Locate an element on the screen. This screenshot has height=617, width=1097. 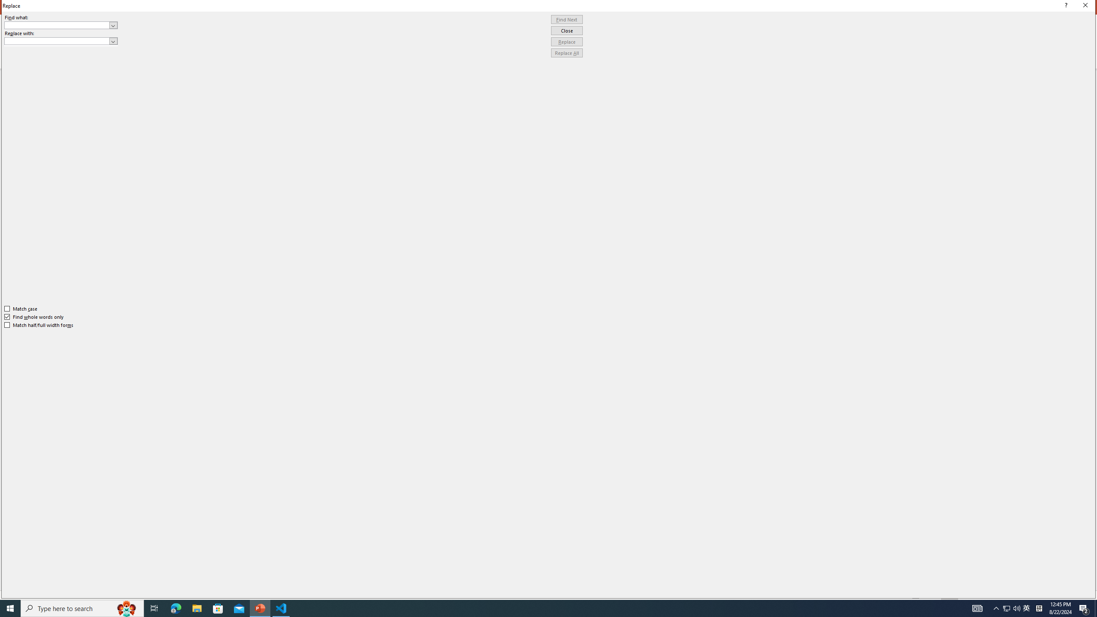
'Find whole words only' is located at coordinates (34, 317).